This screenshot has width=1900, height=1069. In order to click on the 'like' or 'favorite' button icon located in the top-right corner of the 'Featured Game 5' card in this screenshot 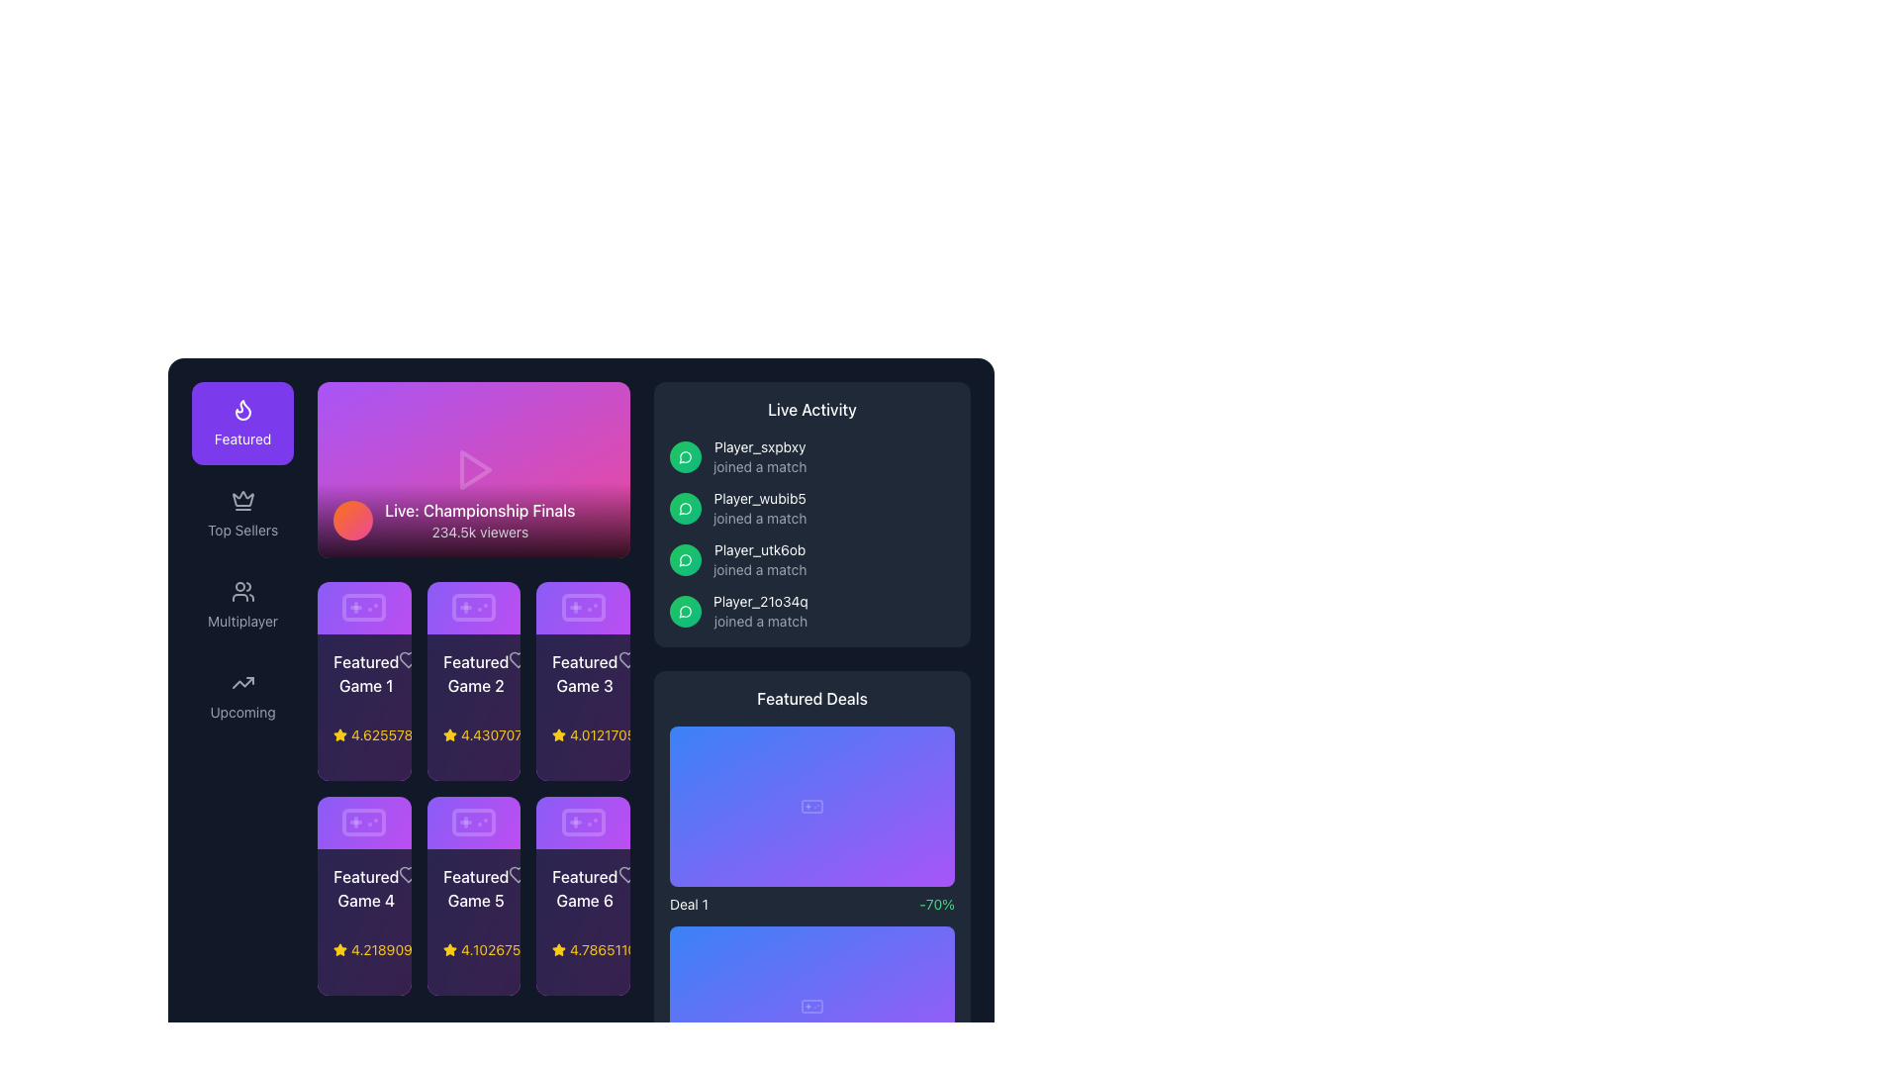, I will do `click(518, 873)`.